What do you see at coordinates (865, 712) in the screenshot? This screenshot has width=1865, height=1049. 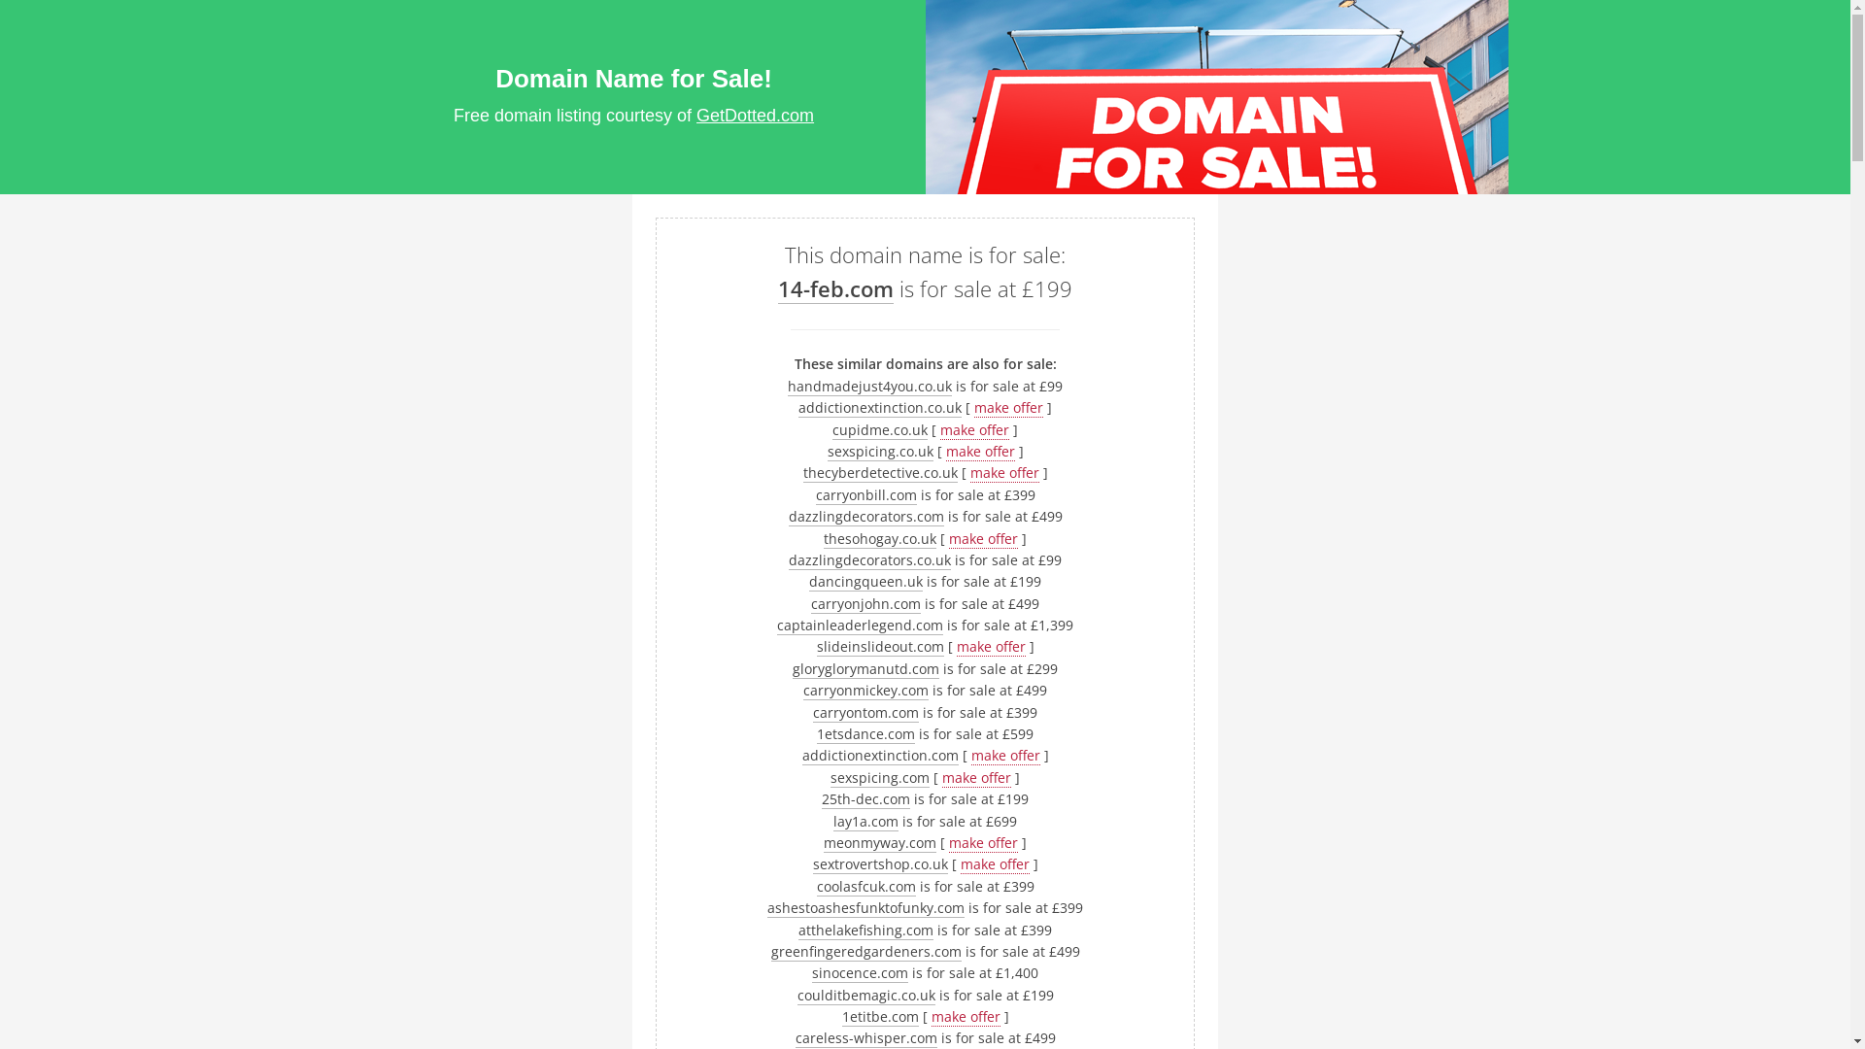 I see `'carryontom.com'` at bounding box center [865, 712].